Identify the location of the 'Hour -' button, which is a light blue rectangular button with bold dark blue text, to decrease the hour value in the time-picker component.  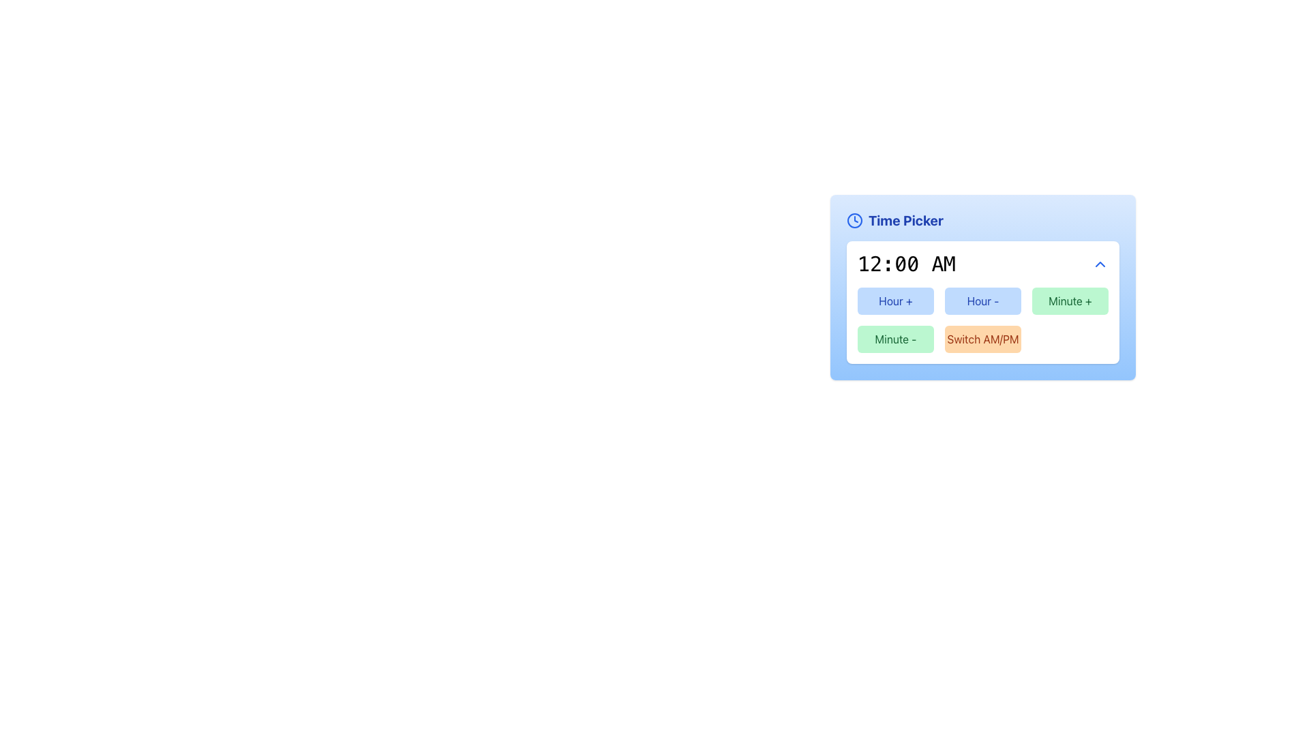
(982, 286).